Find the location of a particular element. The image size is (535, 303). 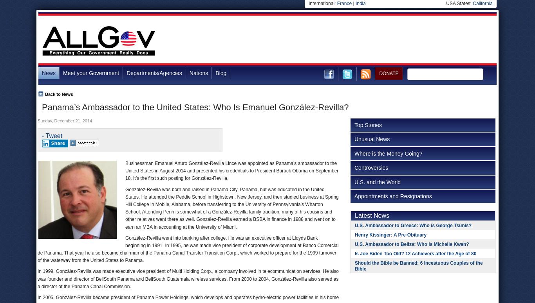

'U.S. Ambassador to Greece: Who is George Tsunis?' is located at coordinates (354, 225).